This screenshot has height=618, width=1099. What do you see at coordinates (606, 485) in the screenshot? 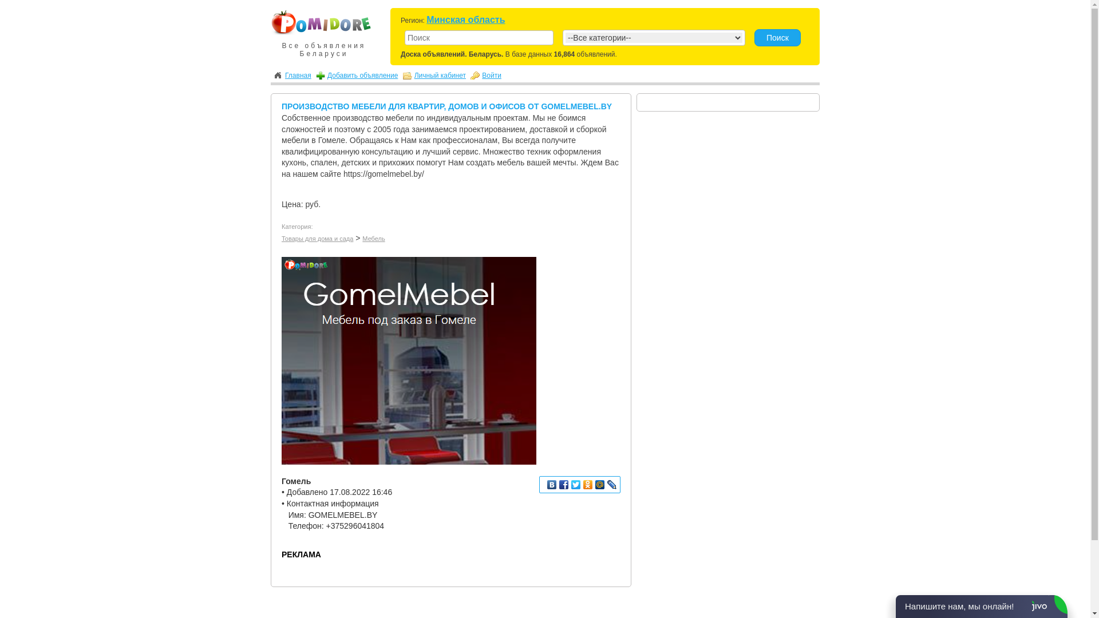
I see `'LiveJournal'` at bounding box center [606, 485].